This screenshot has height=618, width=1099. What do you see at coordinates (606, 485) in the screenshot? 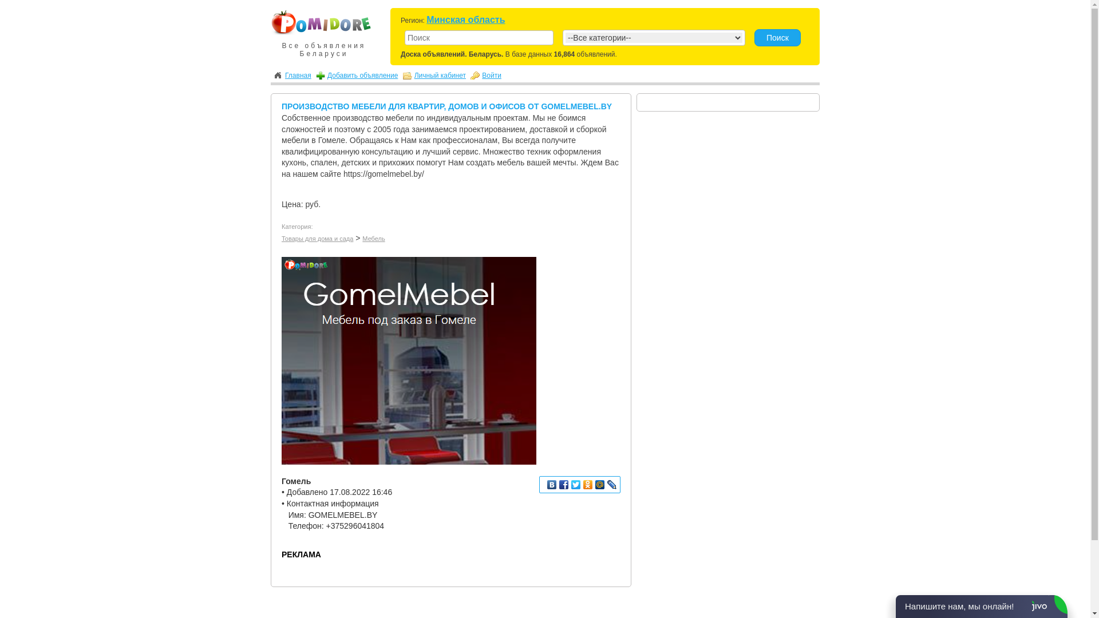
I see `'LiveJournal'` at bounding box center [606, 485].